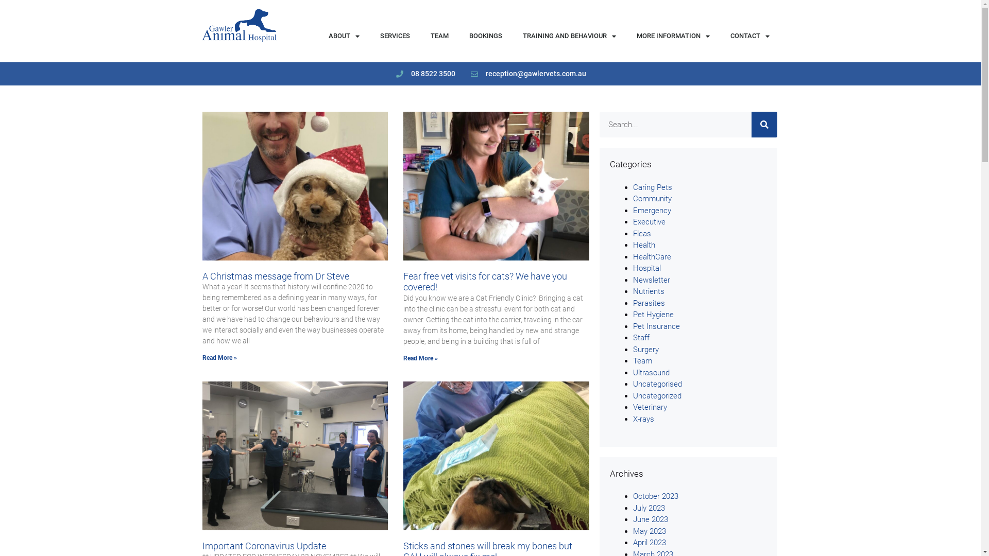 This screenshot has height=556, width=989. What do you see at coordinates (569, 35) in the screenshot?
I see `'TRAINING AND BEHAVIOUR'` at bounding box center [569, 35].